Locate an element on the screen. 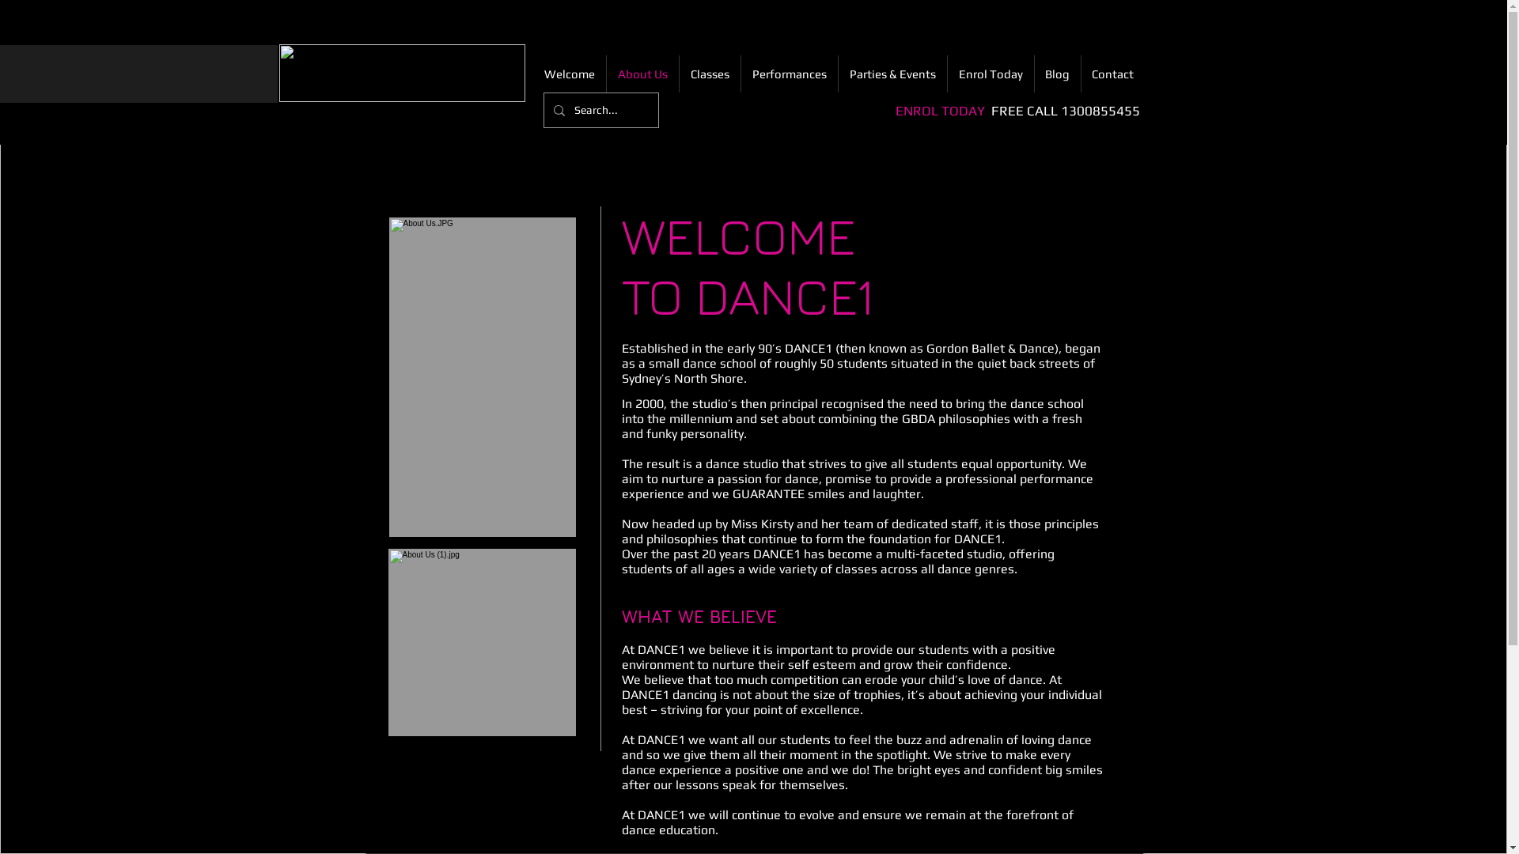 This screenshot has height=854, width=1519. 'Performances' is located at coordinates (789, 74).